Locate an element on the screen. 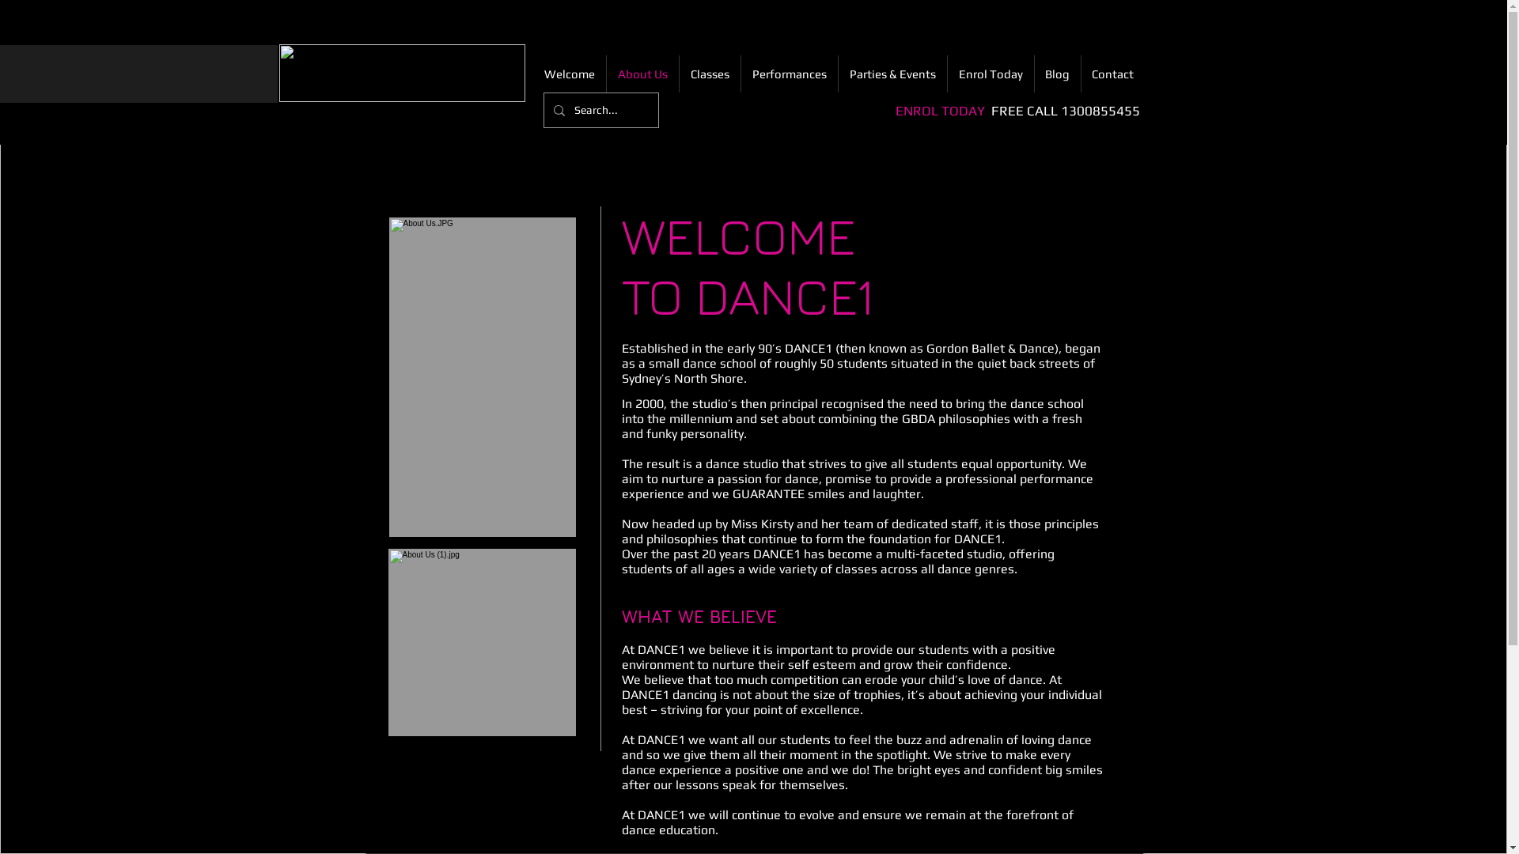 This screenshot has height=854, width=1519. 'Performances' is located at coordinates (789, 74).